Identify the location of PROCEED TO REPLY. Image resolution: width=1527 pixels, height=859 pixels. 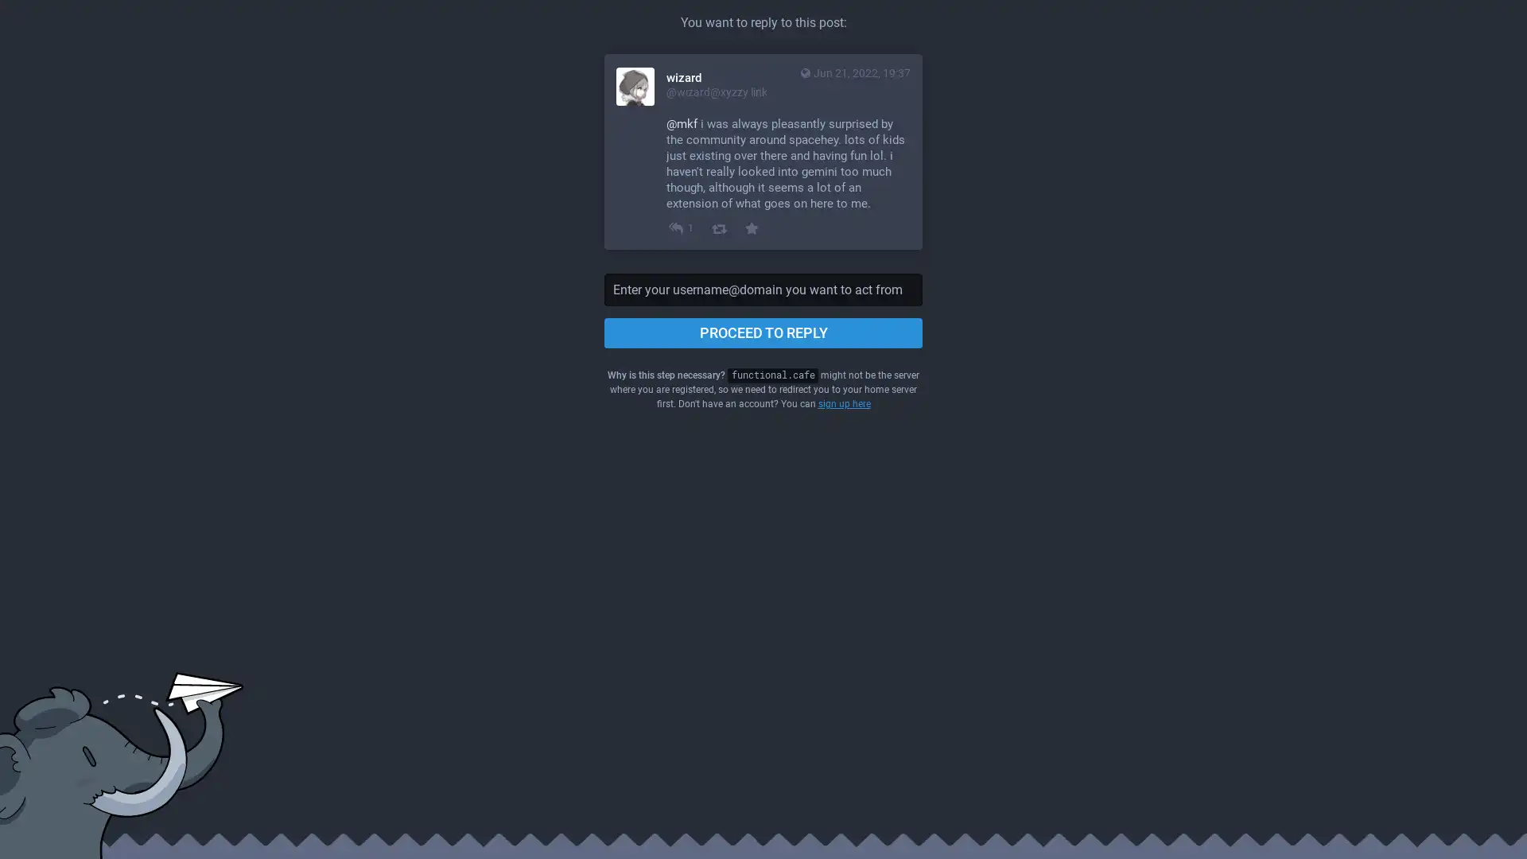
(763, 332).